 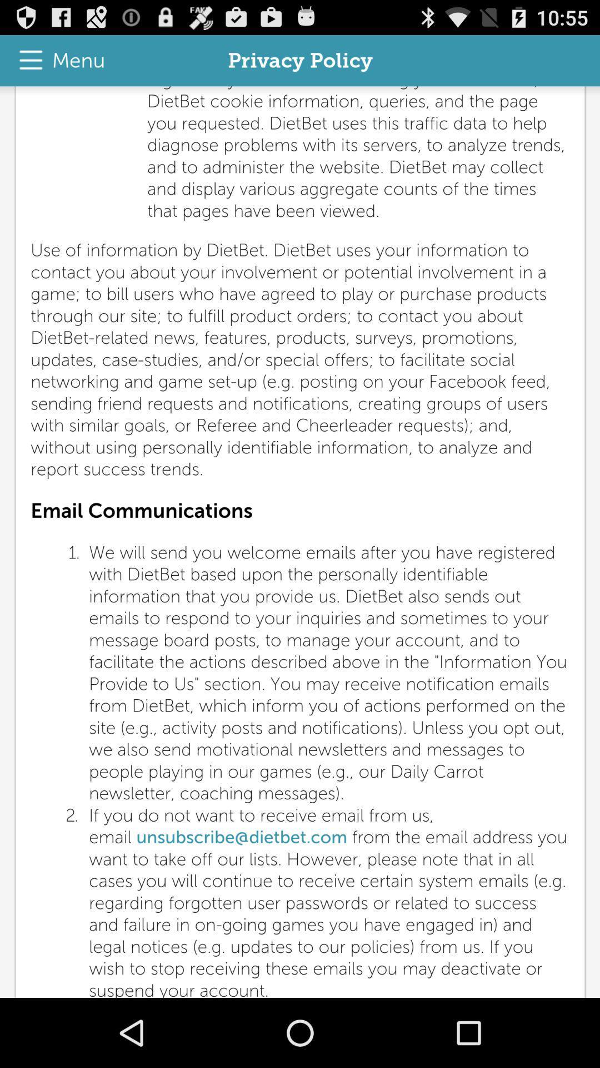 I want to click on the app next to the privacy policy item, so click(x=56, y=60).